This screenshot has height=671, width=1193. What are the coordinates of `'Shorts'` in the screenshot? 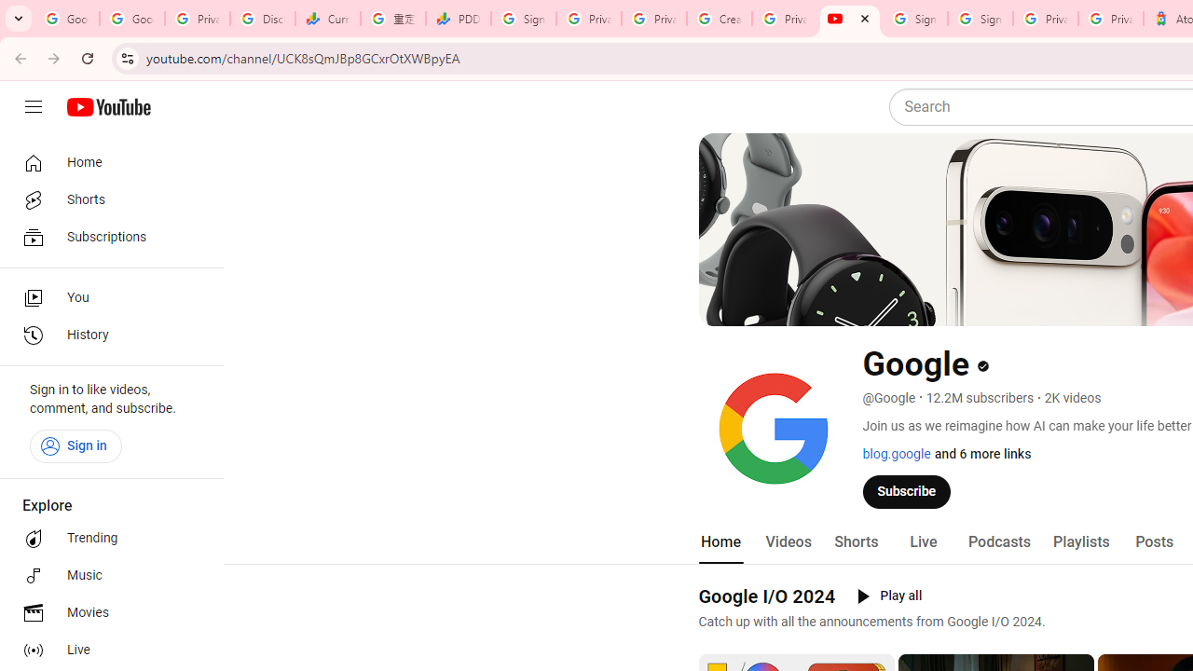 It's located at (855, 541).